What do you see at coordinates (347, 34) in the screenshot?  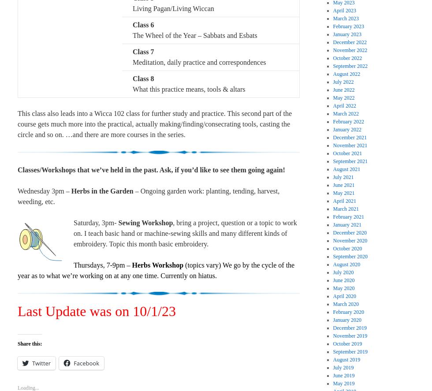 I see `'January 2023'` at bounding box center [347, 34].